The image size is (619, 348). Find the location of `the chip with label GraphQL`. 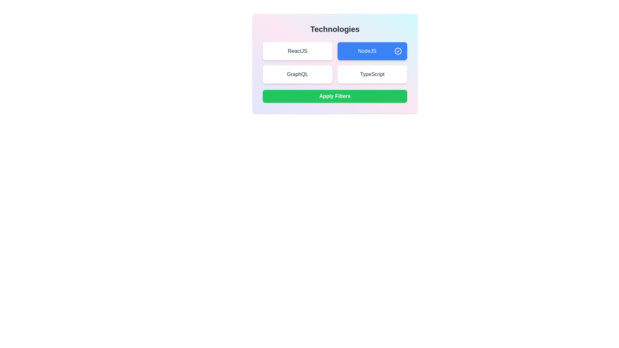

the chip with label GraphQL is located at coordinates (297, 74).